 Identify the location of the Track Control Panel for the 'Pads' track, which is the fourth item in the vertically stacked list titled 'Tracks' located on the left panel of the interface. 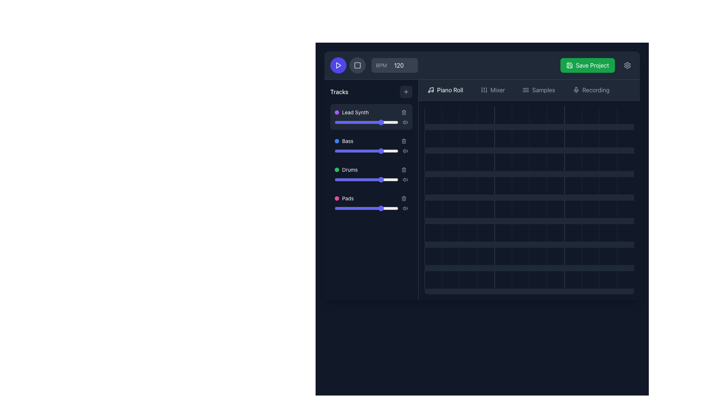
(371, 203).